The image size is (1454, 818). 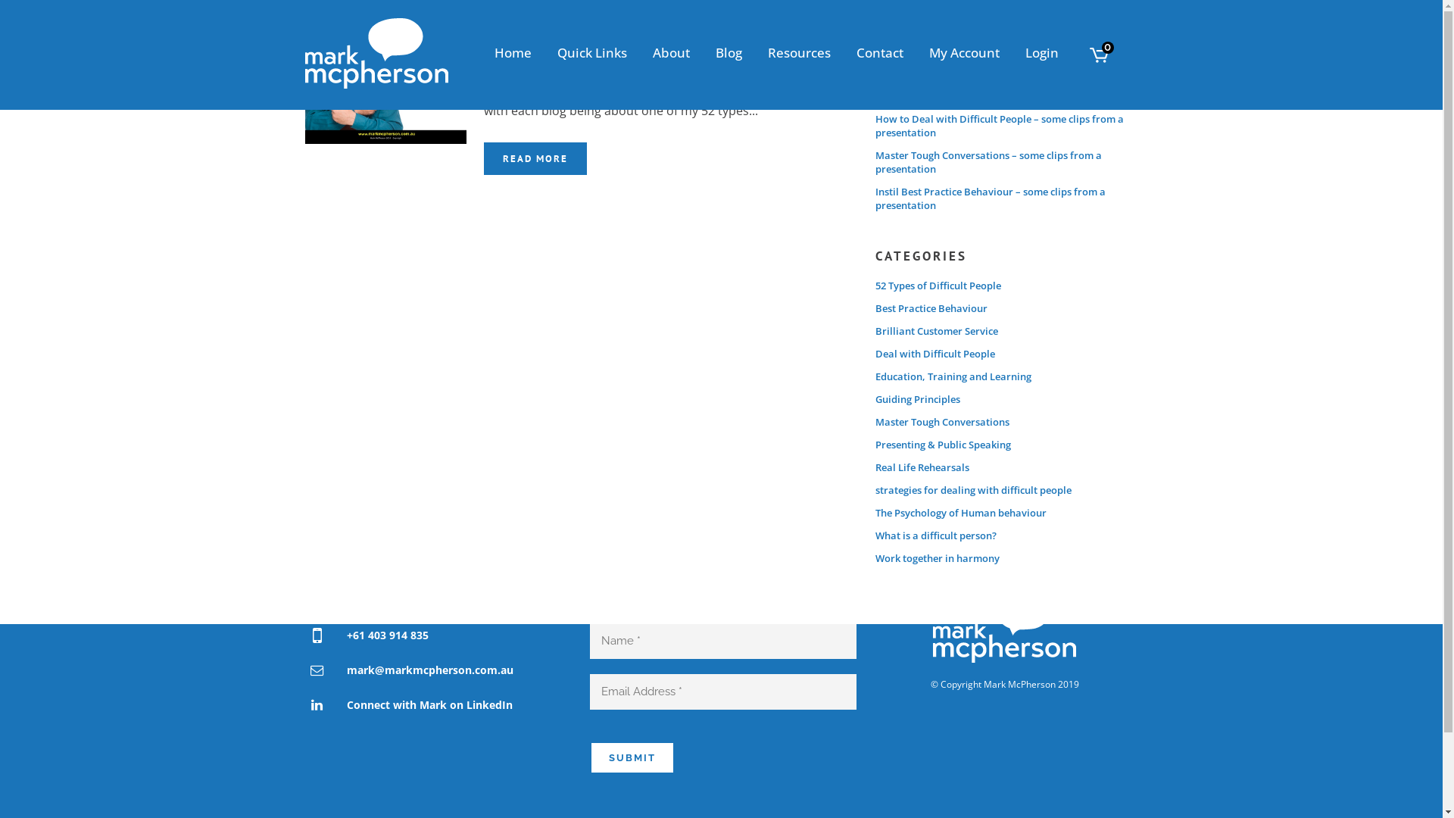 I want to click on 'Quick Links', so click(x=591, y=52).